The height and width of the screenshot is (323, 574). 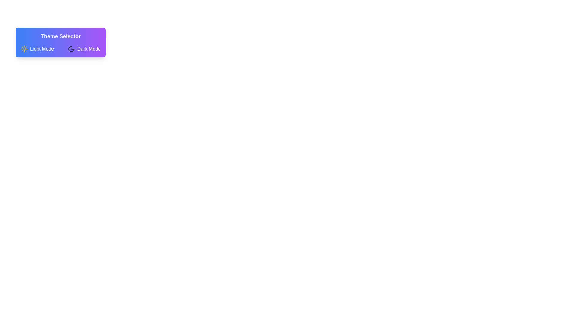 What do you see at coordinates (24, 49) in the screenshot?
I see `the sun icon representing the bright theme, which is the first icon in the theme selection group, located to the left of the 'Light Mode' label` at bounding box center [24, 49].